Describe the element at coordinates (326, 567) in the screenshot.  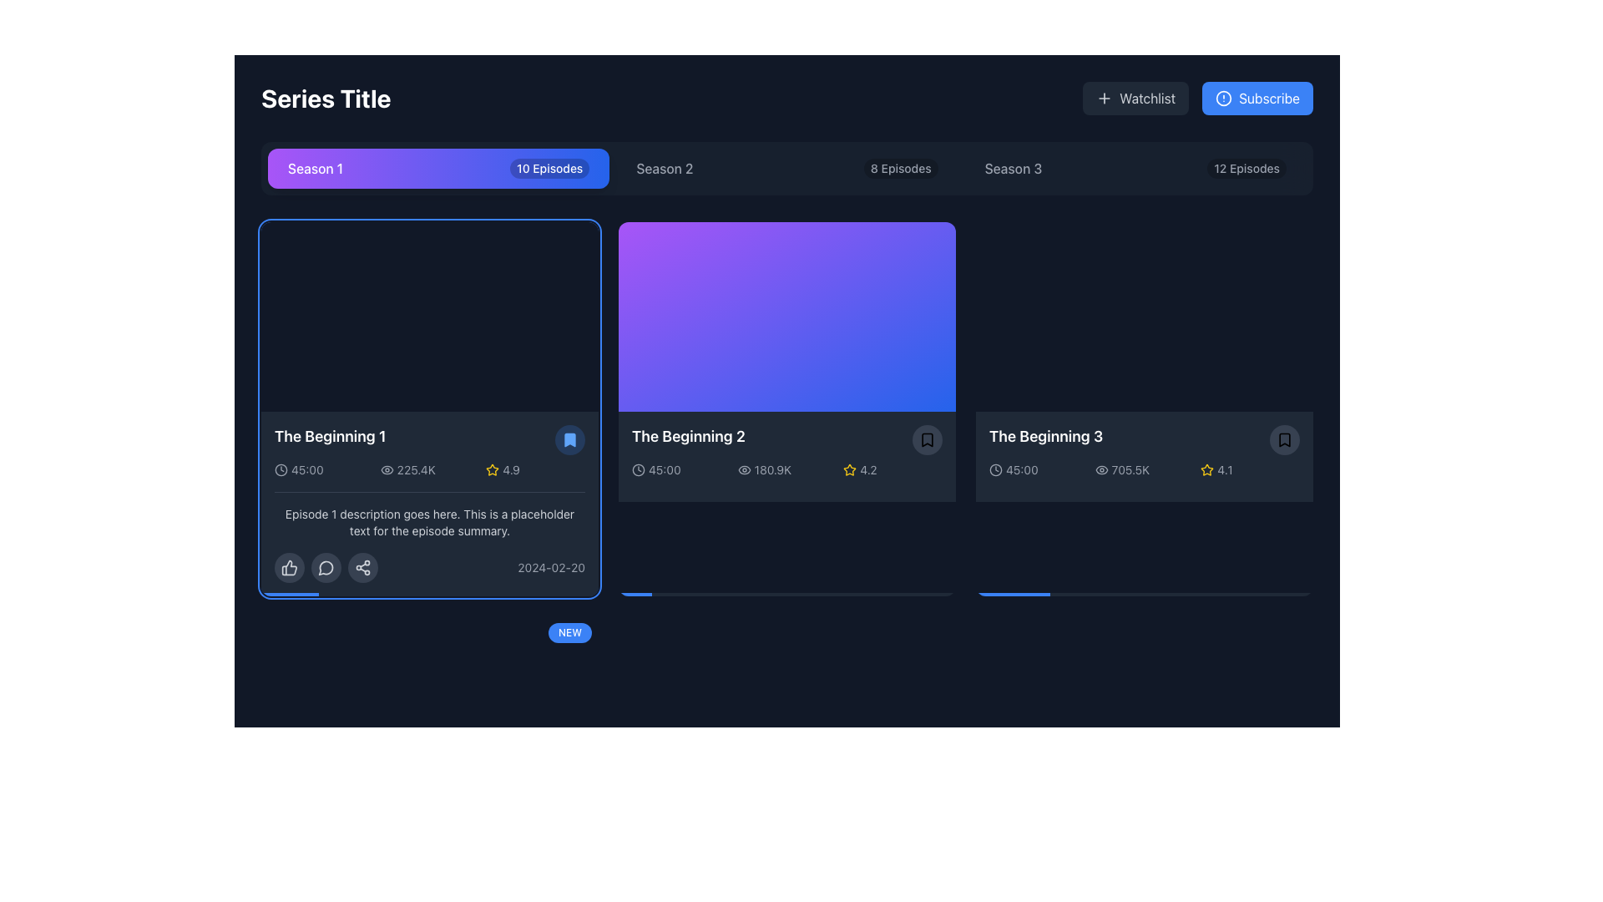
I see `the circular button with a gray background and message bubble icon, which is the second button from the left in a horizontal row of interactive icons, located below the episode description` at that location.